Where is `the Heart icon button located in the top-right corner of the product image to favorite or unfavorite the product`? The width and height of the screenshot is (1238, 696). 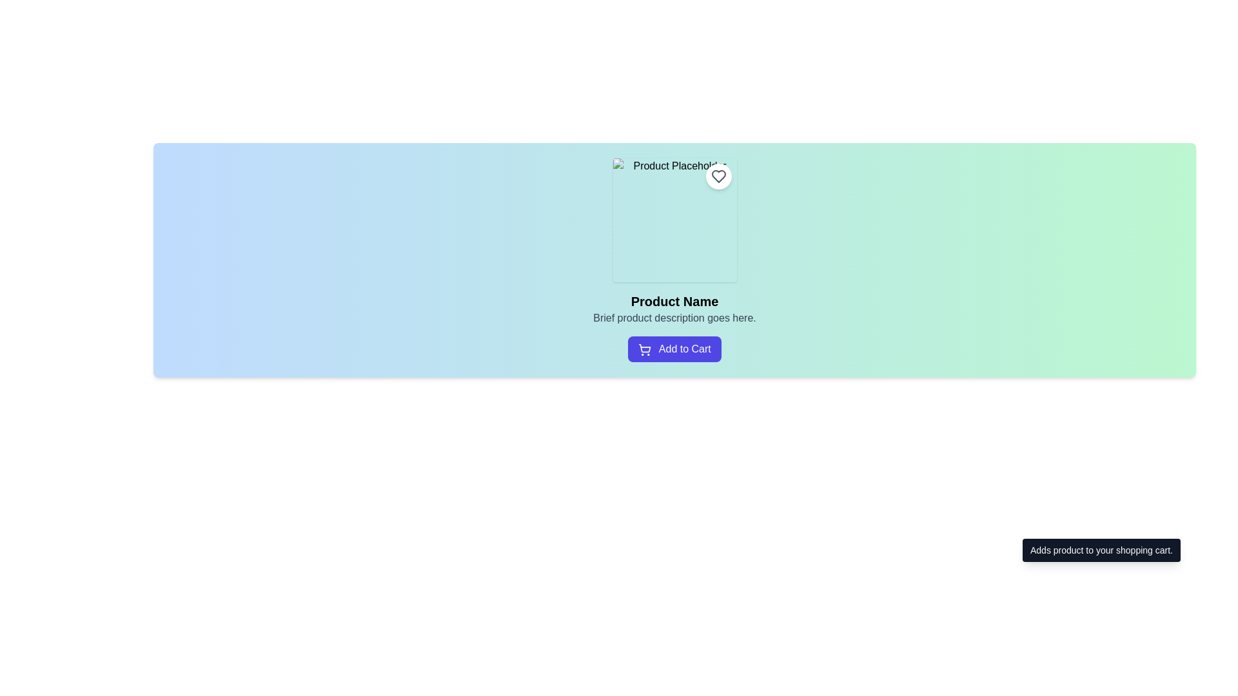 the Heart icon button located in the top-right corner of the product image to favorite or unfavorite the product is located at coordinates (718, 176).